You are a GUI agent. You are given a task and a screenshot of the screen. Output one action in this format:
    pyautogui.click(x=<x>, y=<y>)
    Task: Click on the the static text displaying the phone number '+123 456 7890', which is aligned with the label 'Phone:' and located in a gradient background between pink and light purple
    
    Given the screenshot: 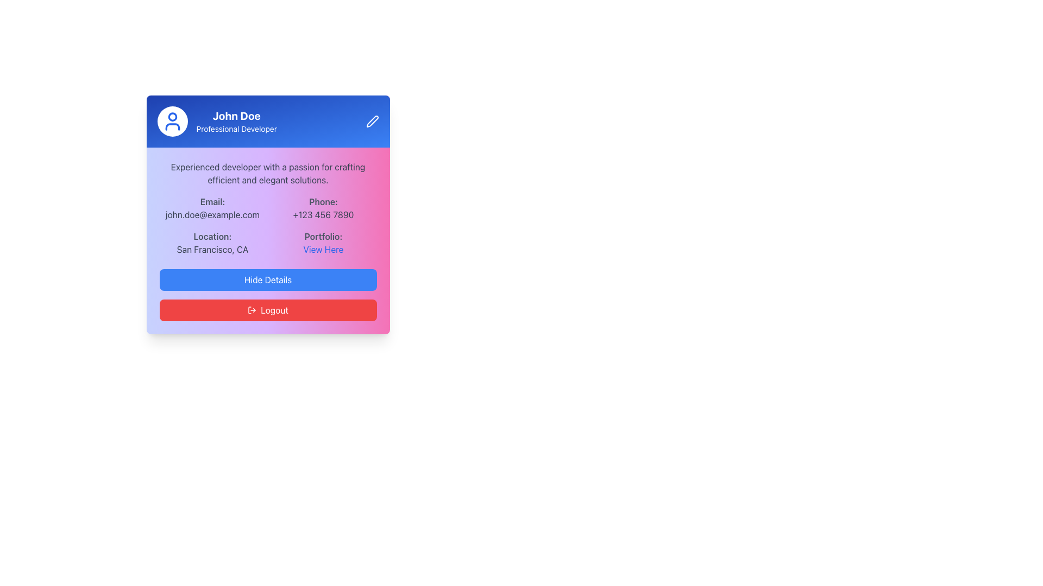 What is the action you would take?
    pyautogui.click(x=323, y=215)
    